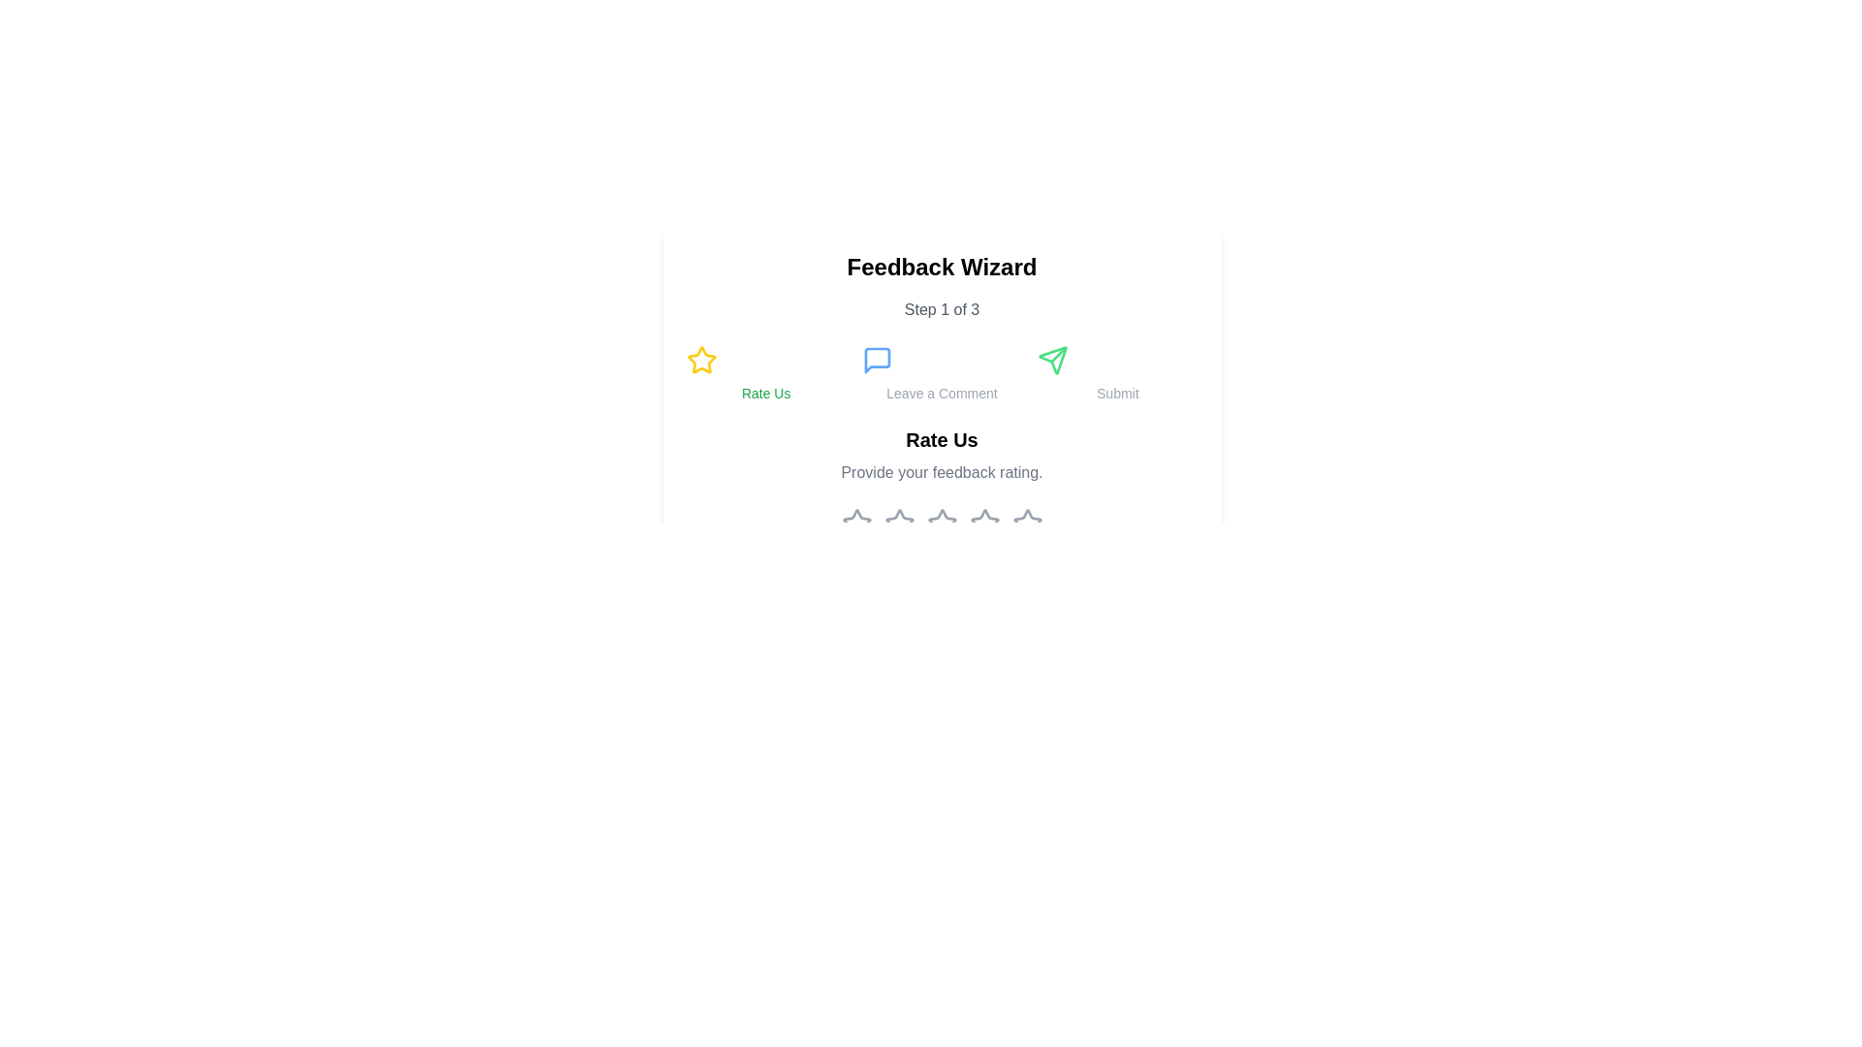  What do you see at coordinates (700, 360) in the screenshot?
I see `across the yellow star icon in the 'Rate Us' section` at bounding box center [700, 360].